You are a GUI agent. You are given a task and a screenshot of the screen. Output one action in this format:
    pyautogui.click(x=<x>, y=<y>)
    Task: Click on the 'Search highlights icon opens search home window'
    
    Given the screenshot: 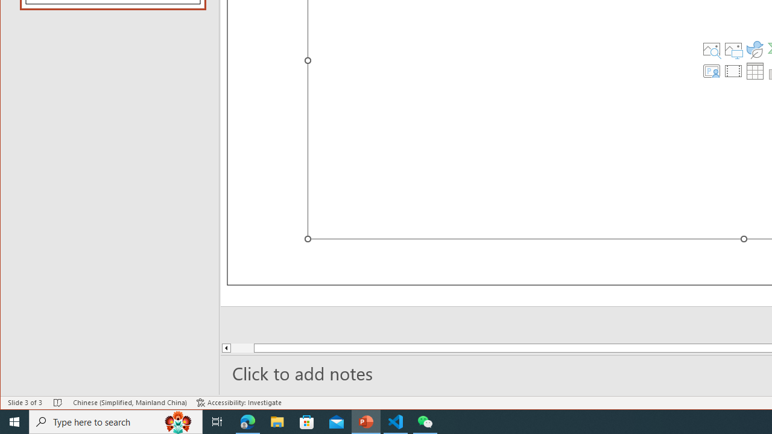 What is the action you would take?
    pyautogui.click(x=177, y=421)
    